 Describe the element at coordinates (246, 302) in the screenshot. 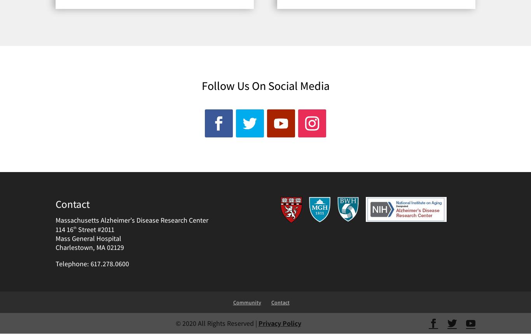

I see `'Community'` at that location.